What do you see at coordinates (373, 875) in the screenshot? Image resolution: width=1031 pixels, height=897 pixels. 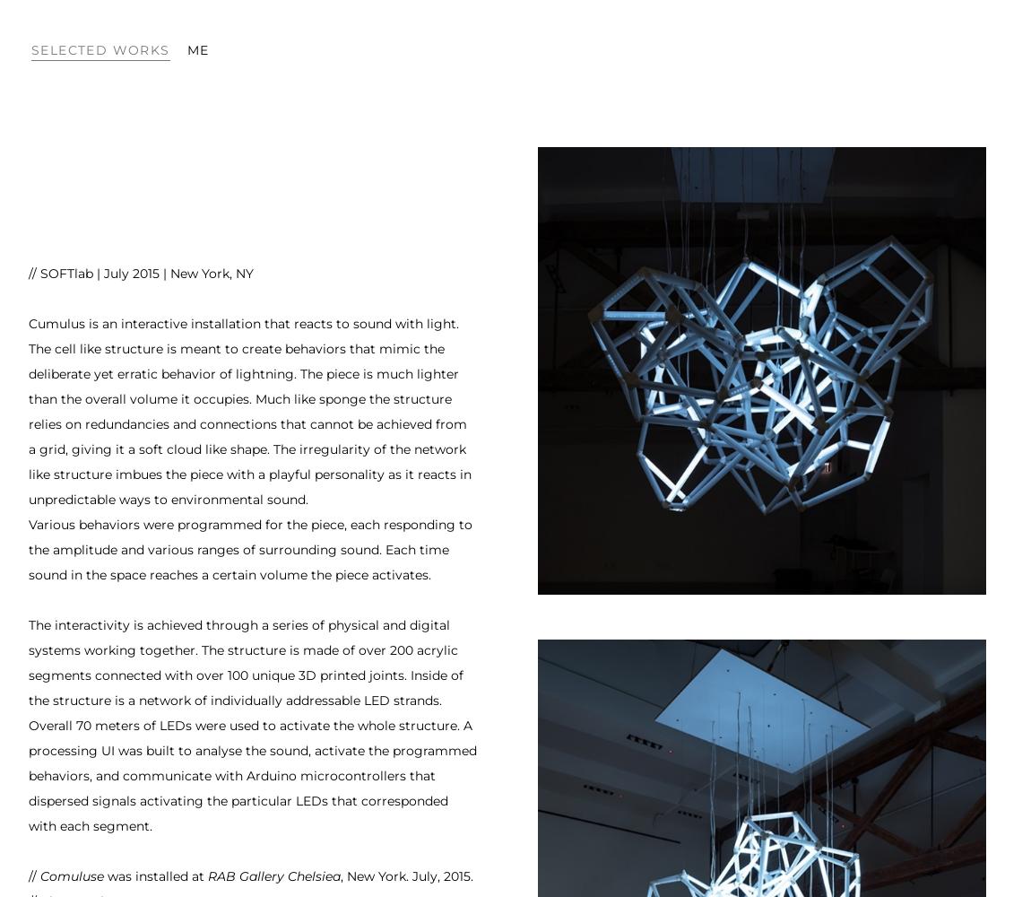 I see `', New York'` at bounding box center [373, 875].